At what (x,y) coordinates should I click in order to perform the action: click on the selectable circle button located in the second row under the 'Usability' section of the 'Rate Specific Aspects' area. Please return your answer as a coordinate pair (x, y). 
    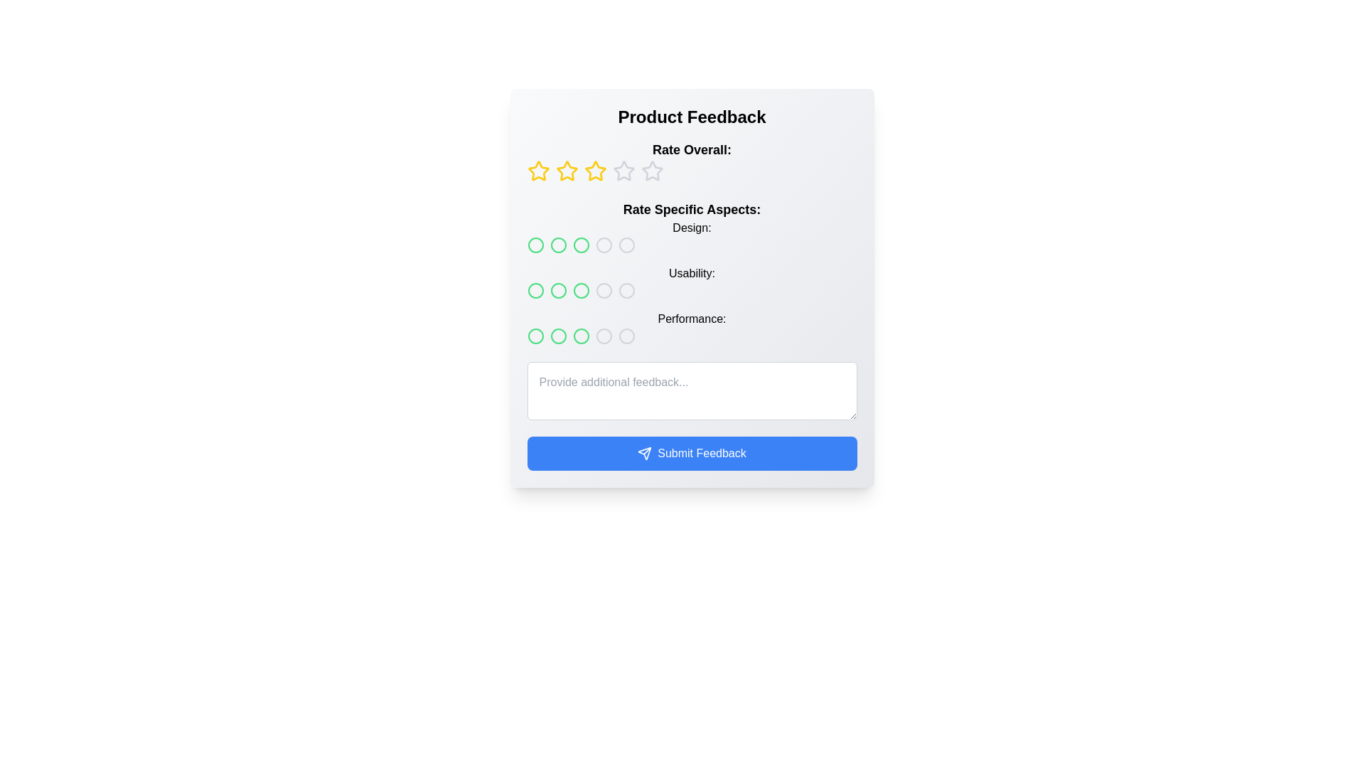
    Looking at the image, I should click on (604, 289).